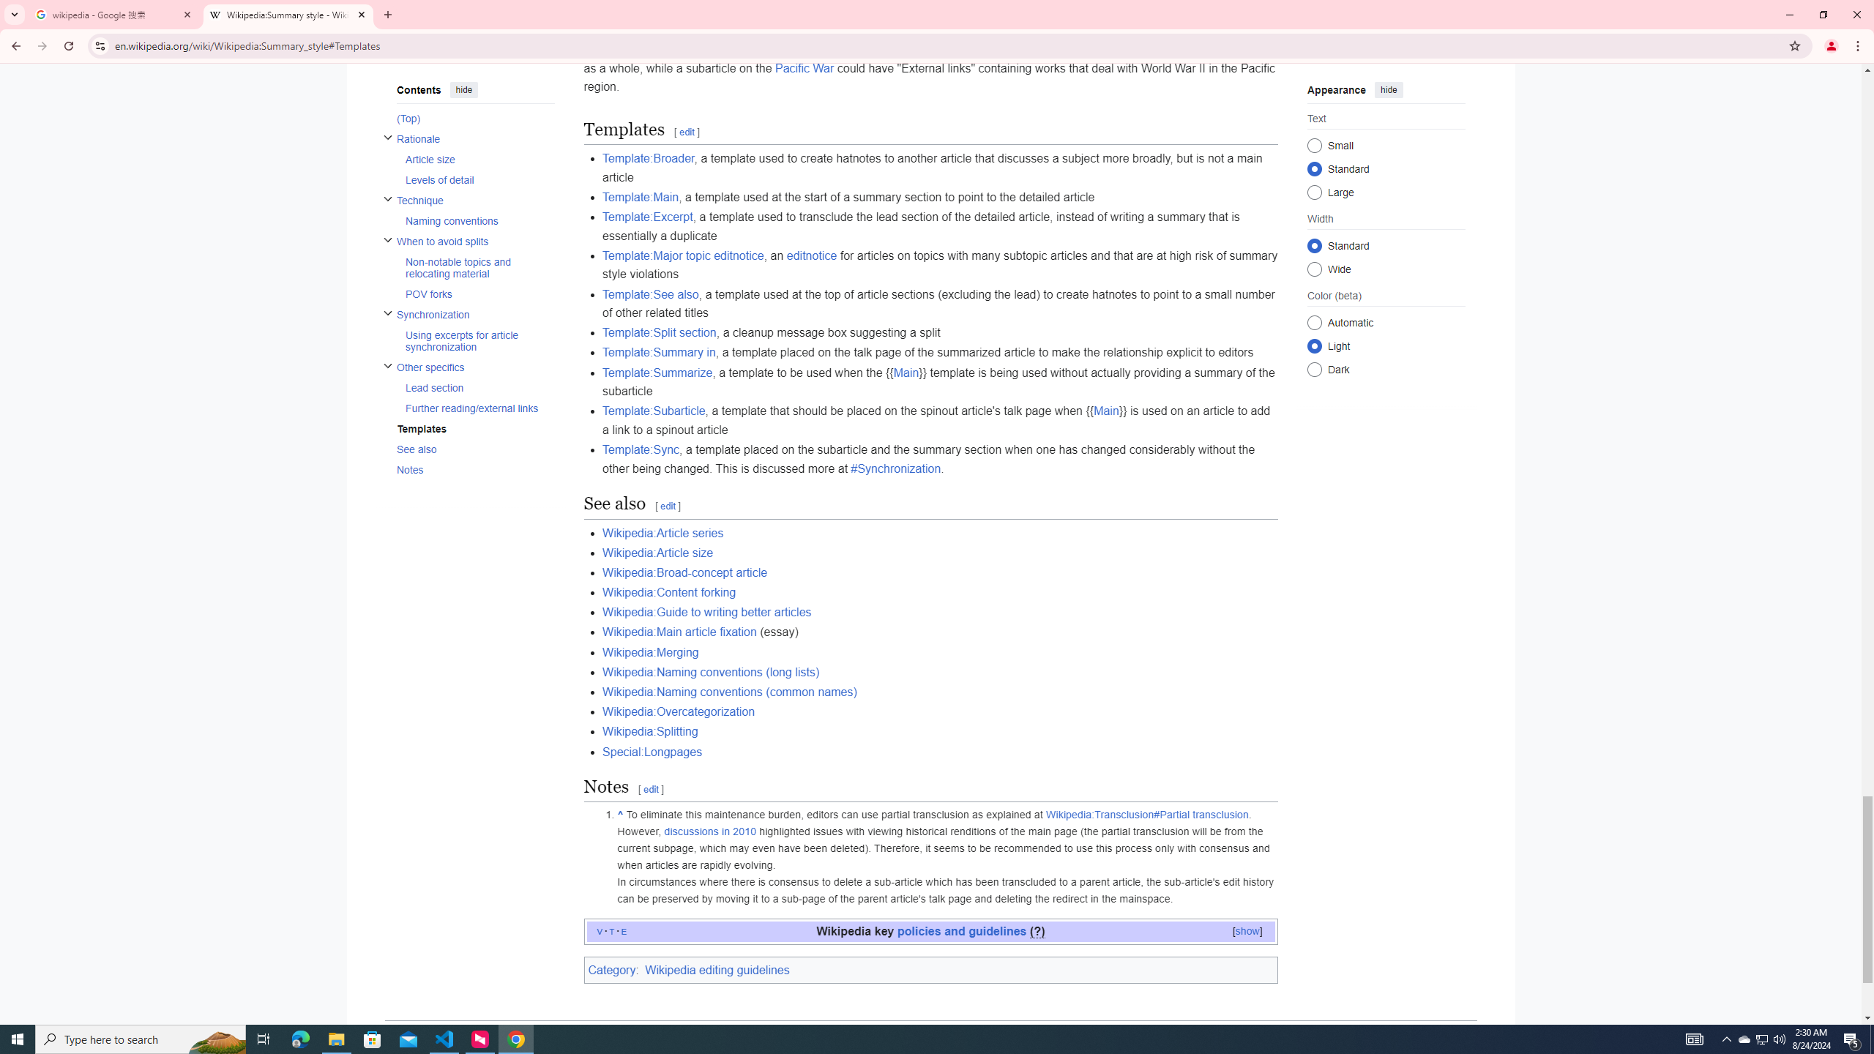  Describe the element at coordinates (662, 532) in the screenshot. I see `'Wikipedia:Article series'` at that location.